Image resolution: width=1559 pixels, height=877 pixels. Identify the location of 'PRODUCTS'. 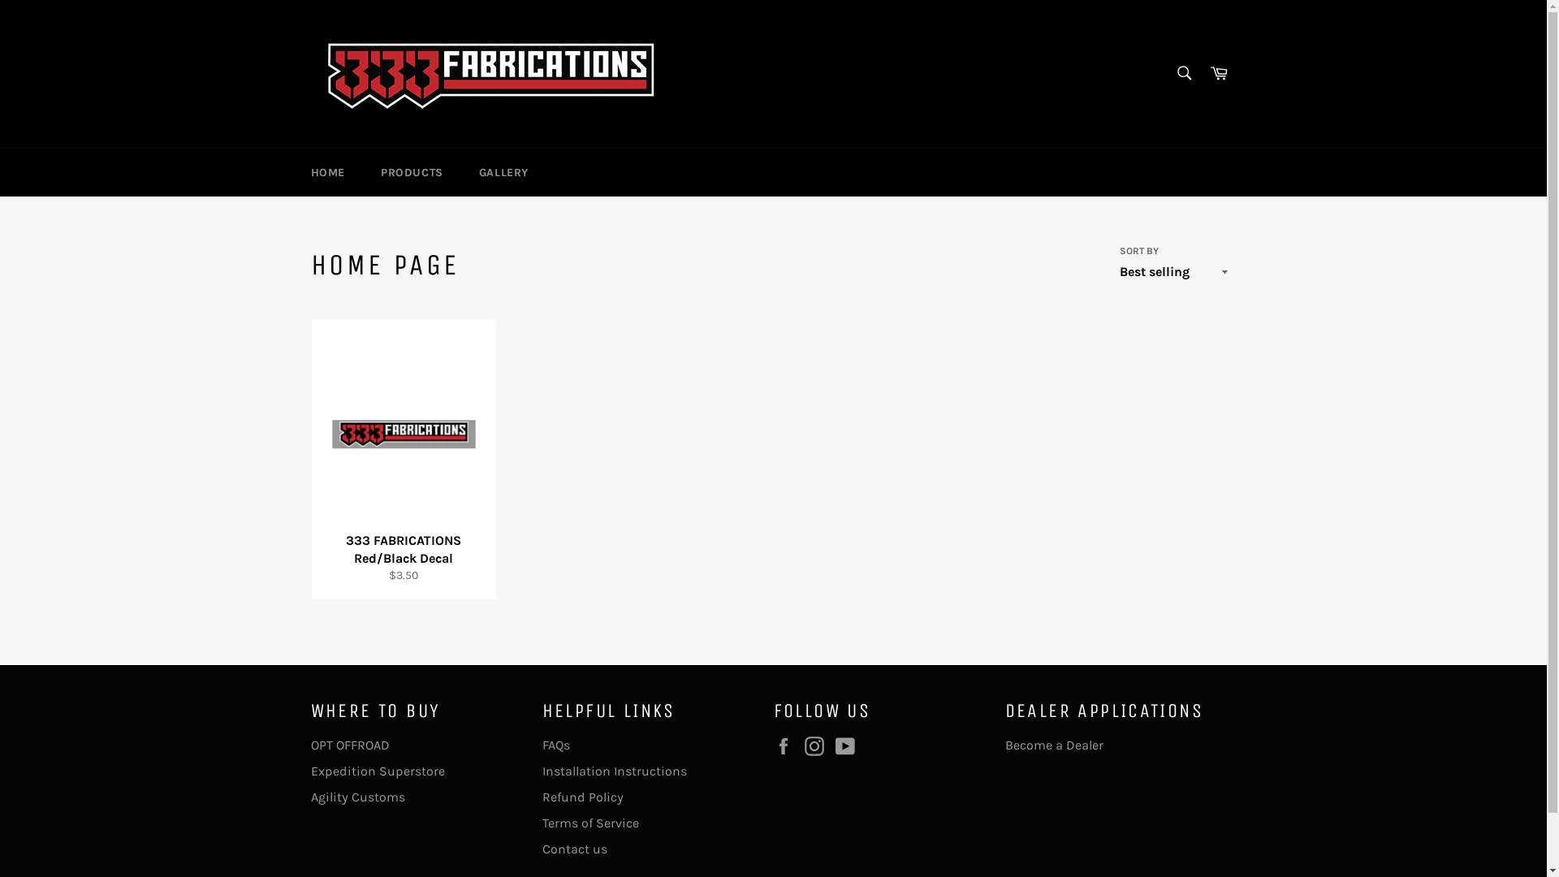
(412, 172).